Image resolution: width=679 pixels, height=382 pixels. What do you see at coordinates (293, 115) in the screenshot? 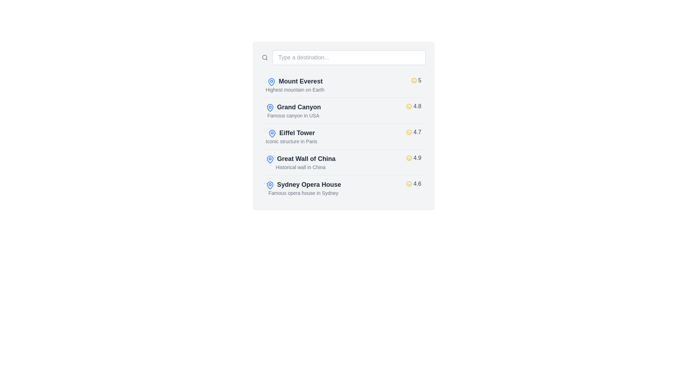
I see `the text label that reads 'Famous canyon in USA', which is styled in a smaller gray font and positioned below the 'Grand Canyon' title in the list` at bounding box center [293, 115].